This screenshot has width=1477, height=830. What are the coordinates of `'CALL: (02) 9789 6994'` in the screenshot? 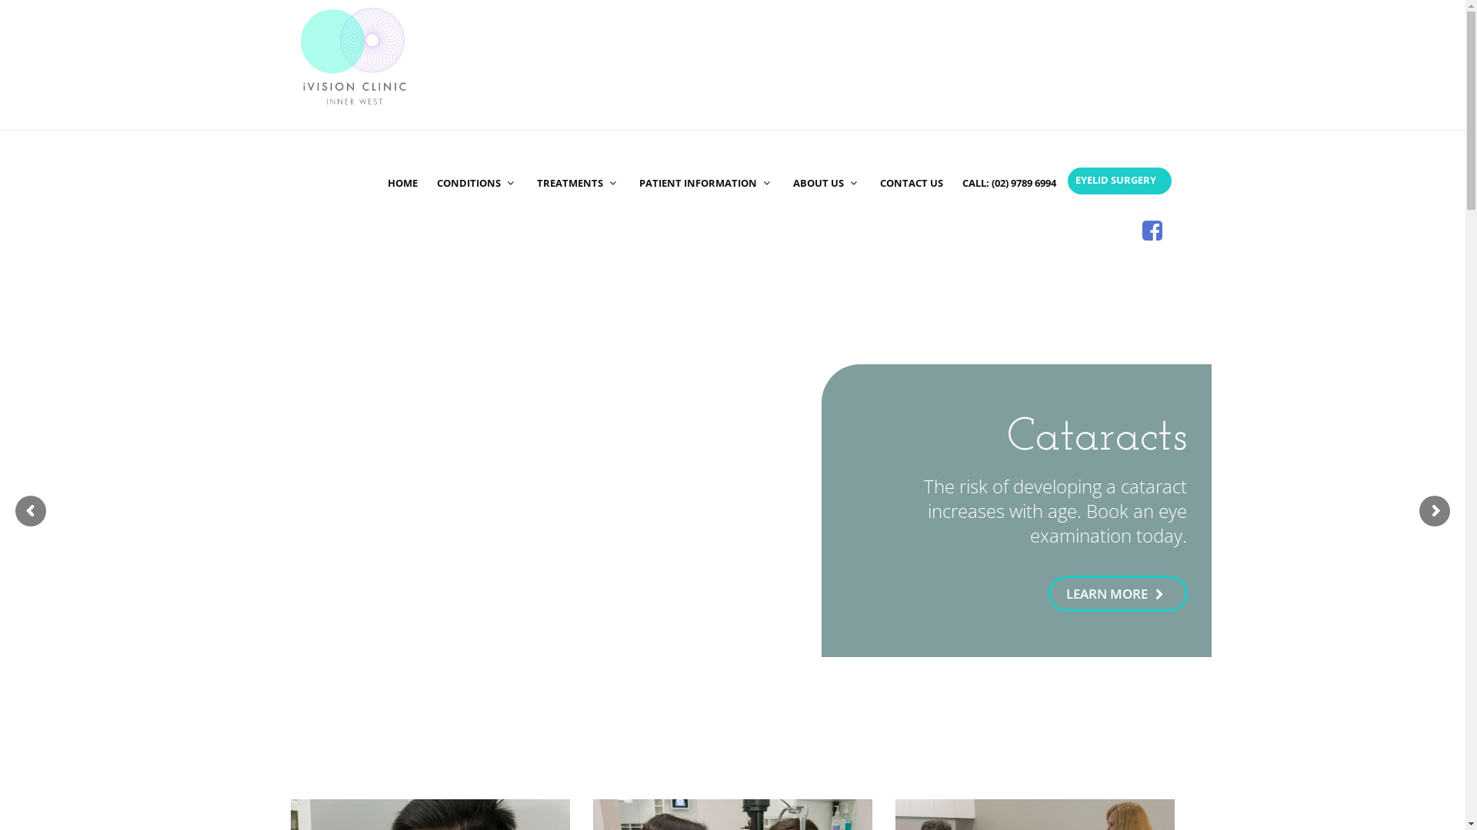 It's located at (1008, 156).